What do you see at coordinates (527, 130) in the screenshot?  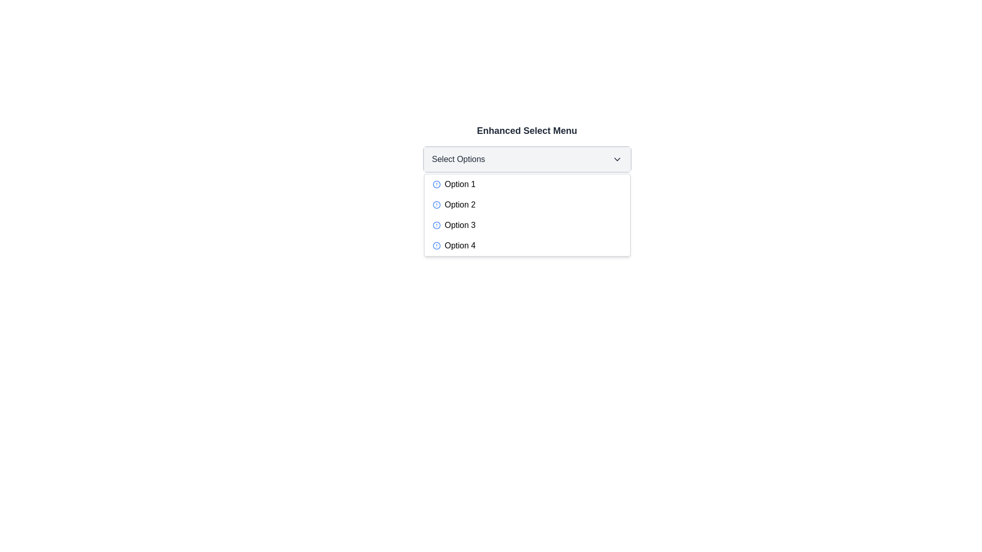 I see `the bold text label that reads 'Enhanced Select Menu', which serves as the header for the dropdown menu component` at bounding box center [527, 130].